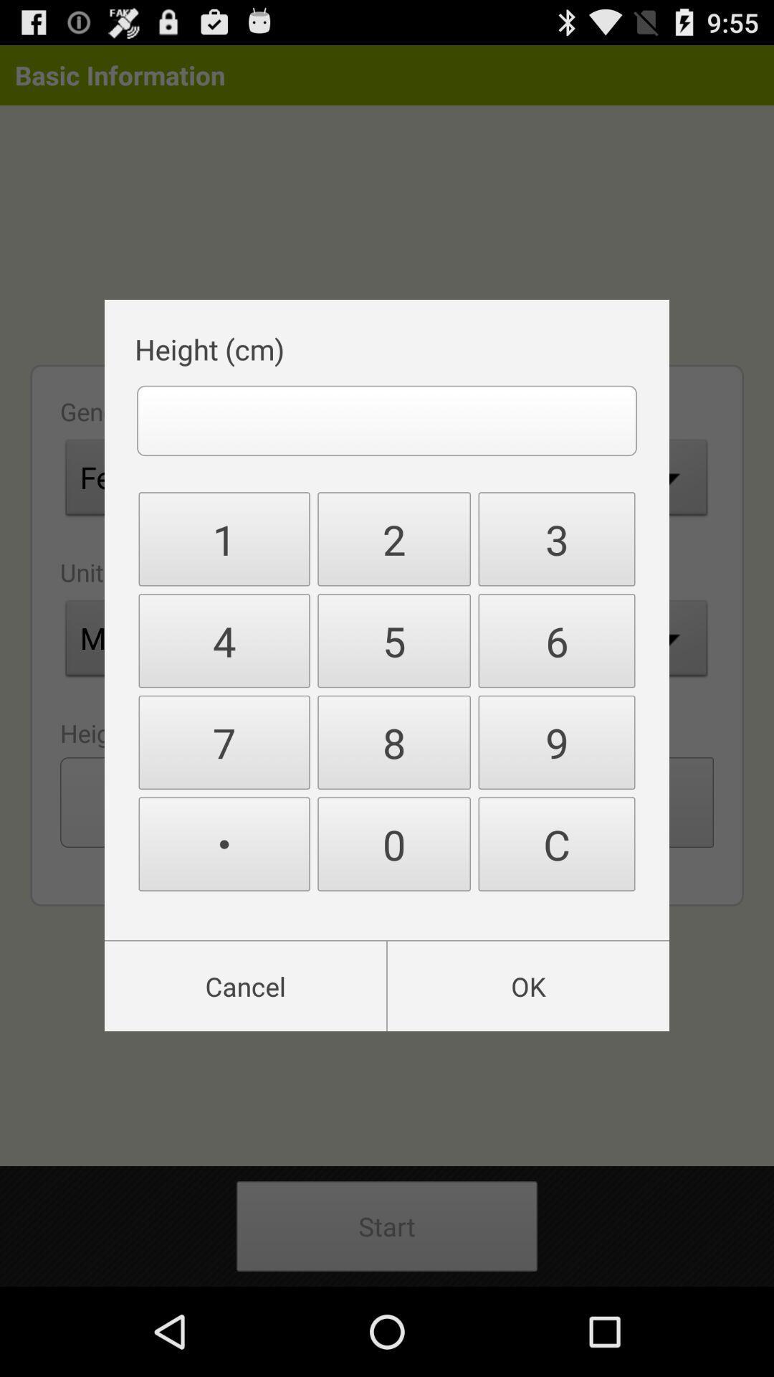 The width and height of the screenshot is (774, 1377). I want to click on 2 button, so click(394, 538).